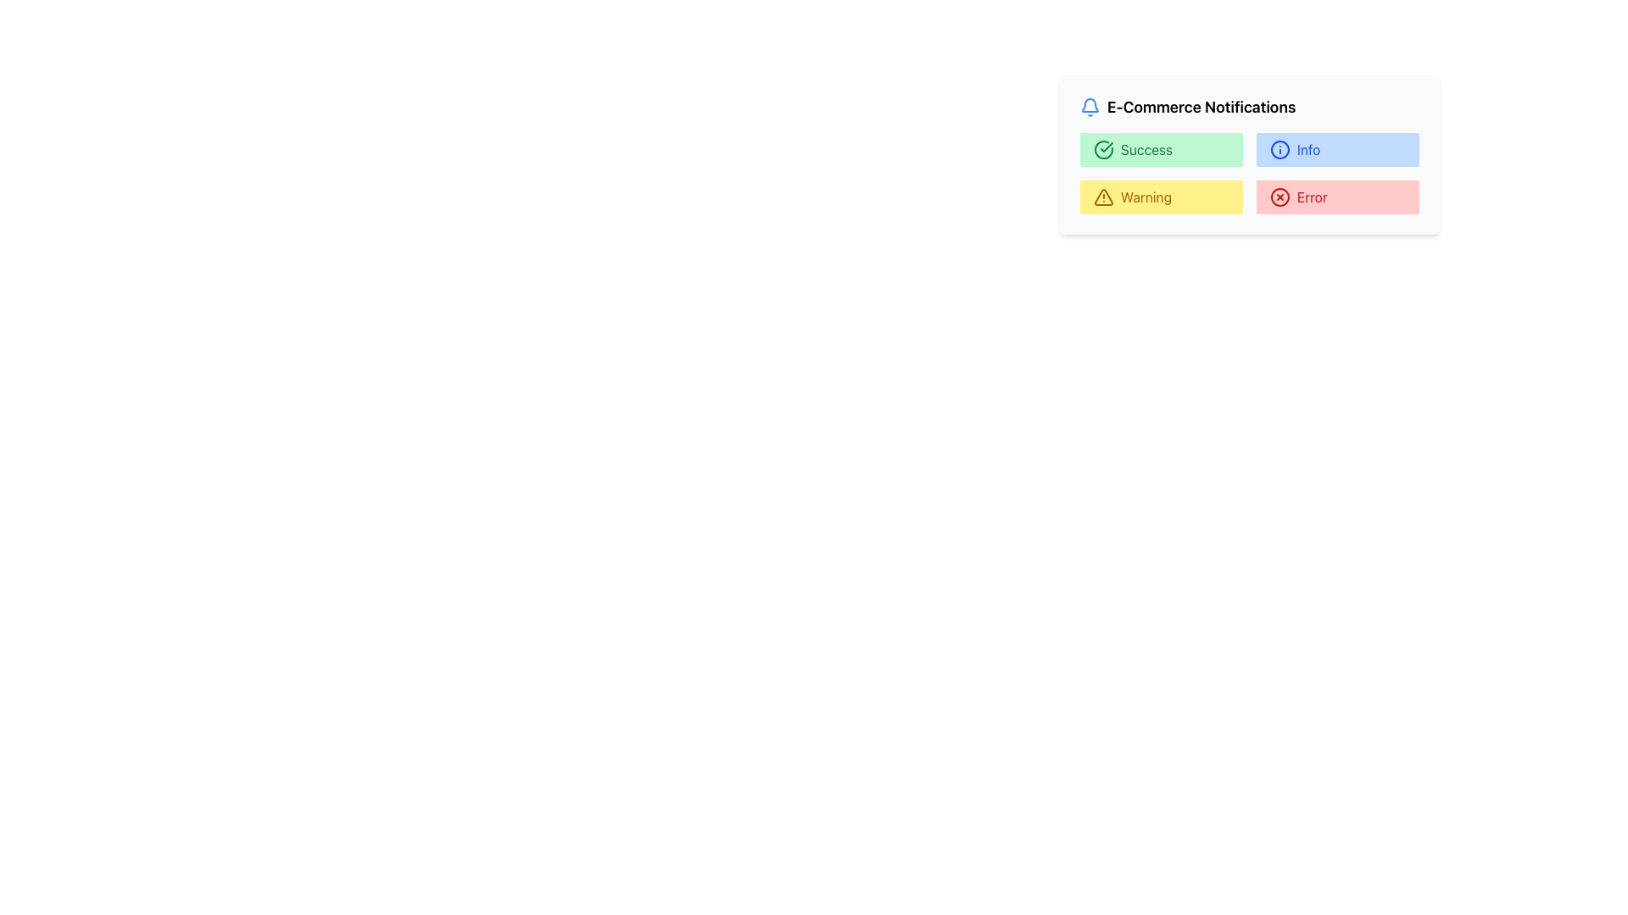 Image resolution: width=1628 pixels, height=915 pixels. I want to click on the warning notification button located at the bottom-left corner of the grid layout by, so click(1160, 196).